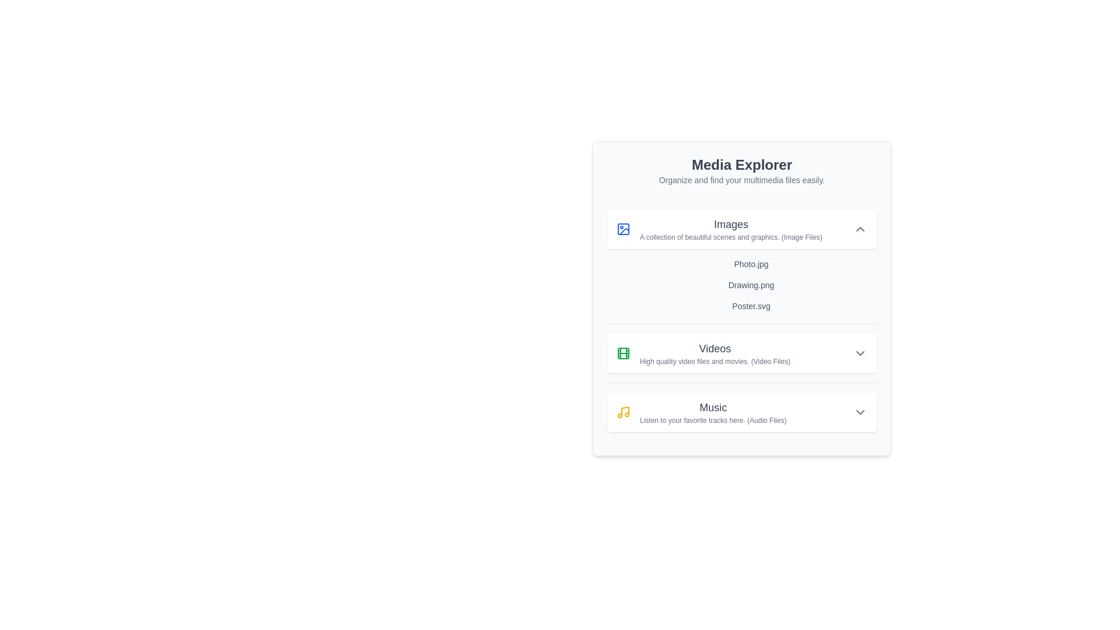 This screenshot has height=630, width=1120. What do you see at coordinates (741, 229) in the screenshot?
I see `the button that expands or collapses the 'Images' section in the 'Media Explorer', which is the first item in the list and centrally located within its panel` at bounding box center [741, 229].